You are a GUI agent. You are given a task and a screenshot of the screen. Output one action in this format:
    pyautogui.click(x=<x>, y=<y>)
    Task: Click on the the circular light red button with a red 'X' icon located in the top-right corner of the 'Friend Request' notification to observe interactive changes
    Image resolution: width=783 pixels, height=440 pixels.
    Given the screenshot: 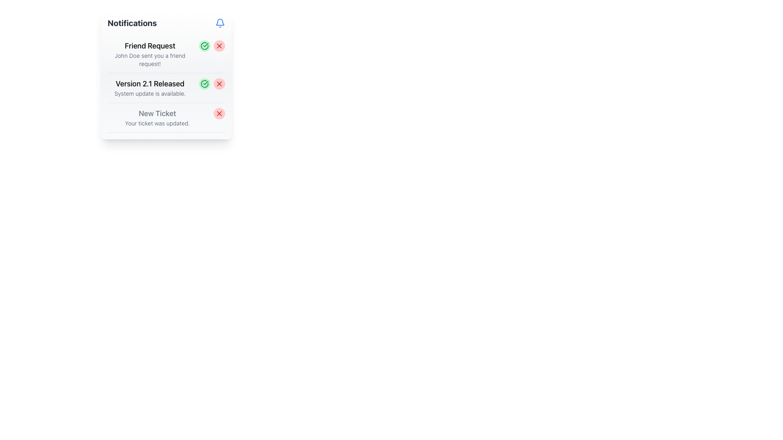 What is the action you would take?
    pyautogui.click(x=219, y=46)
    